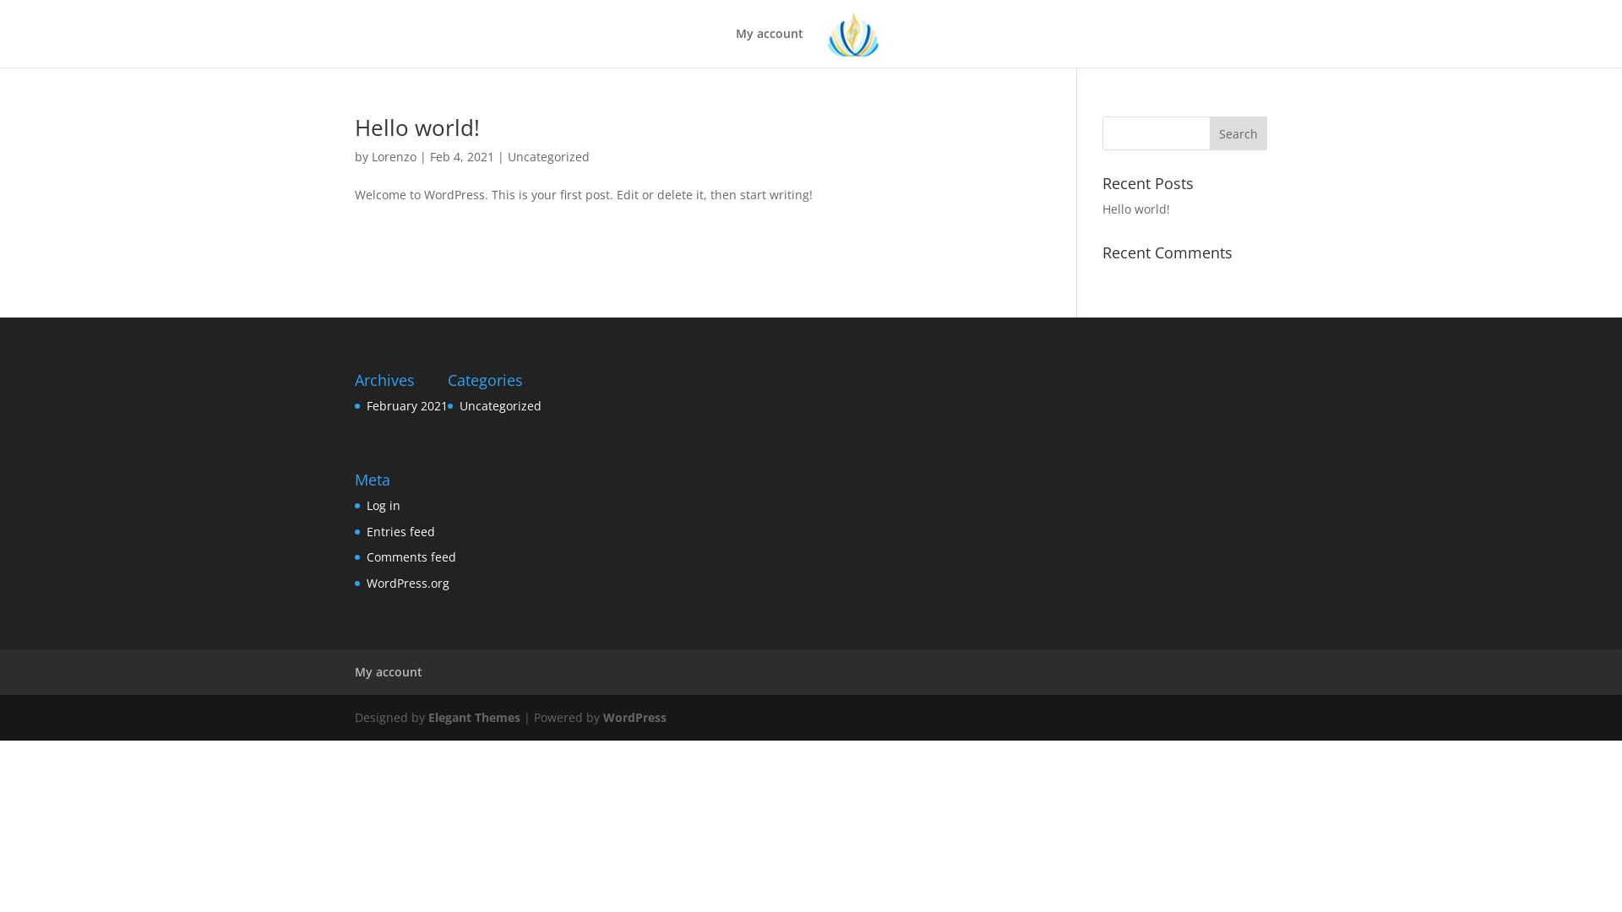 The width and height of the screenshot is (1622, 912). Describe the element at coordinates (393, 156) in the screenshot. I see `'Lorenzo'` at that location.